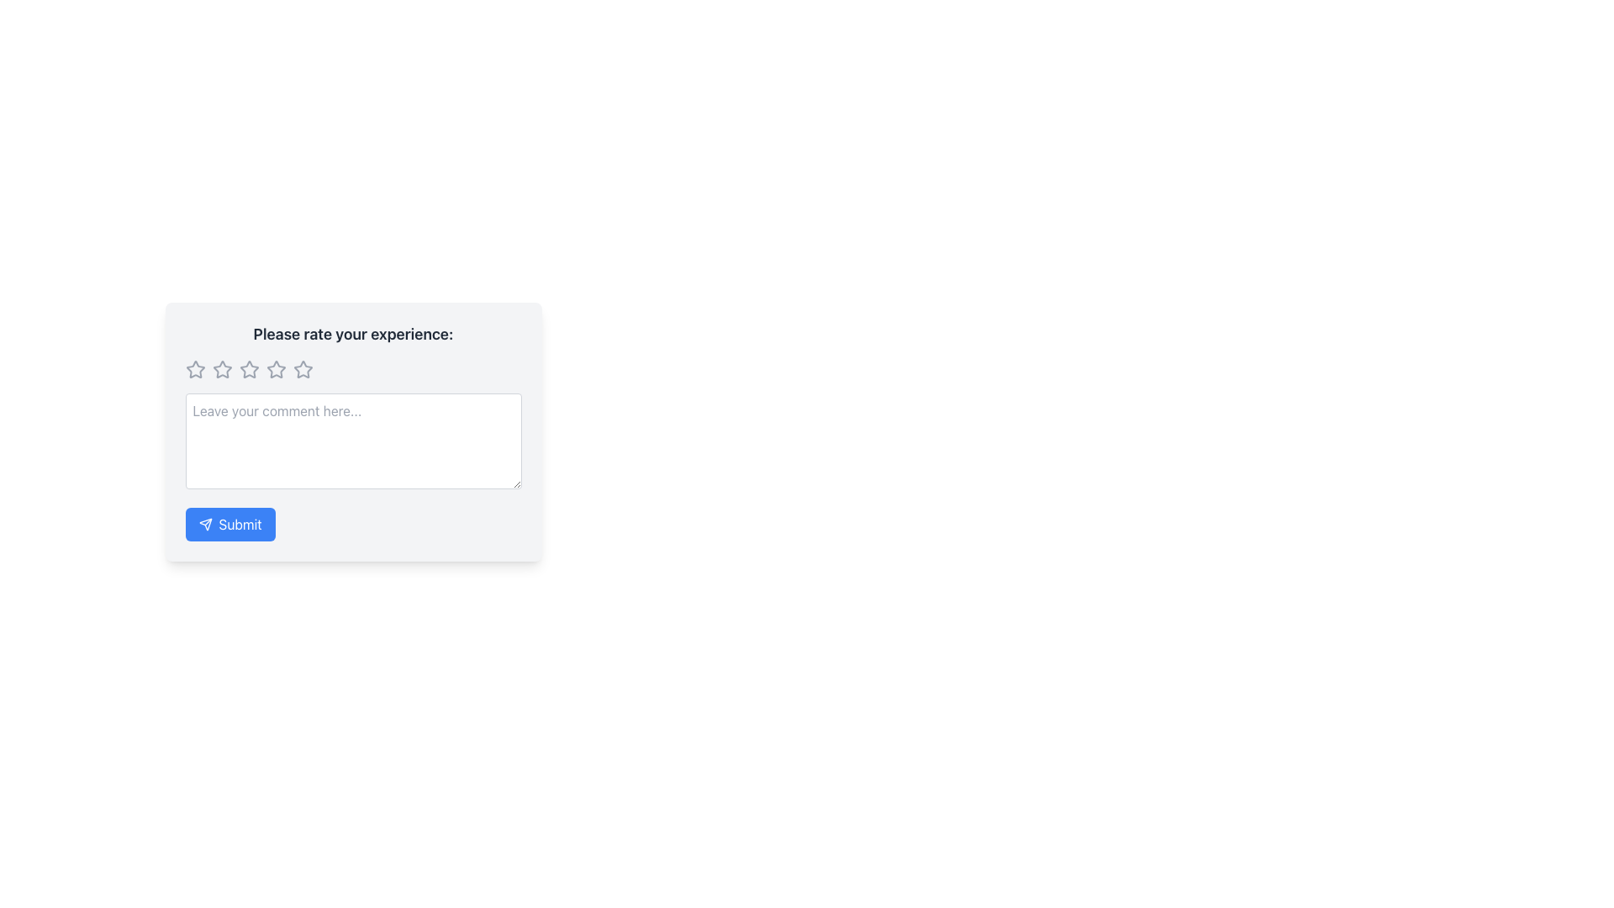 The width and height of the screenshot is (1614, 908). Describe the element at coordinates (195, 368) in the screenshot. I see `the star icon` at that location.